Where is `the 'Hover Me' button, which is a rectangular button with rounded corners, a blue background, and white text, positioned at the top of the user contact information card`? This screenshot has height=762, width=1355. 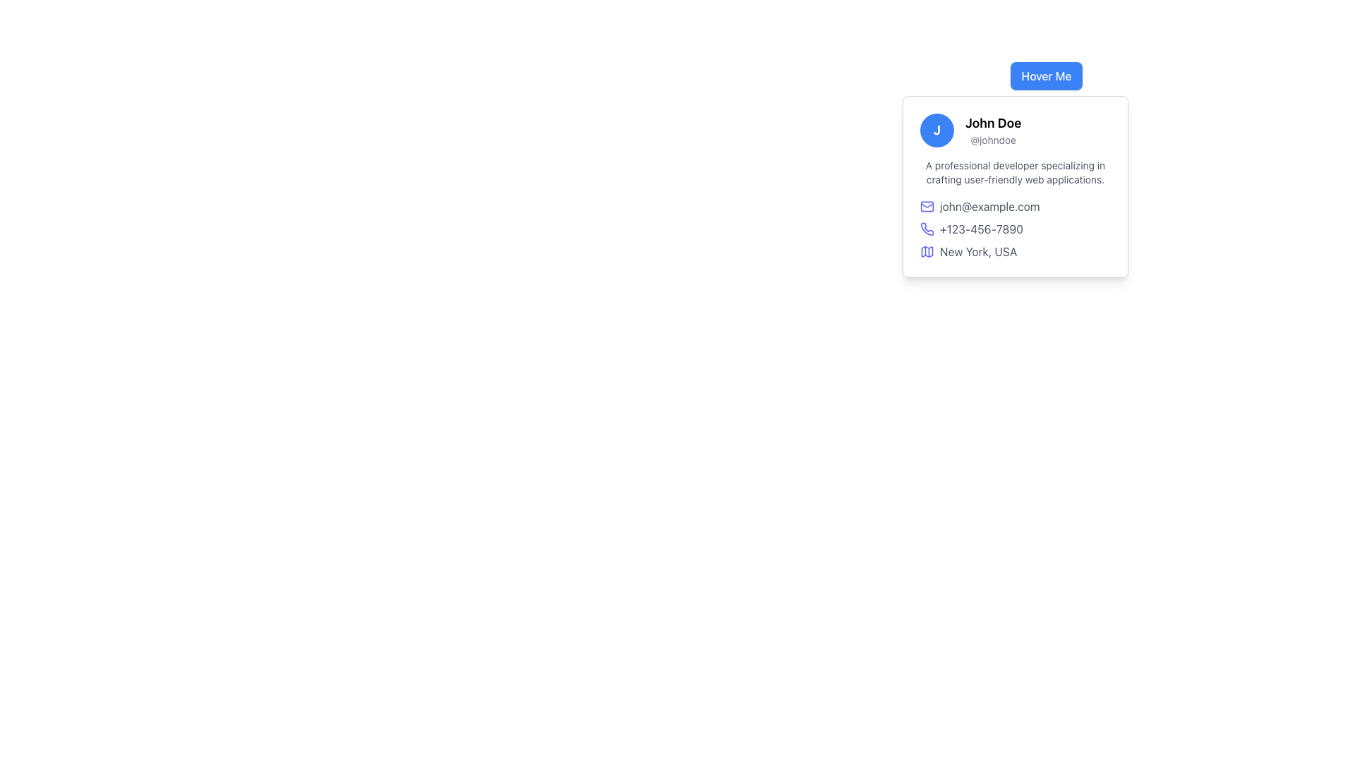 the 'Hover Me' button, which is a rectangular button with rounded corners, a blue background, and white text, positioned at the top of the user contact information card is located at coordinates (1047, 76).